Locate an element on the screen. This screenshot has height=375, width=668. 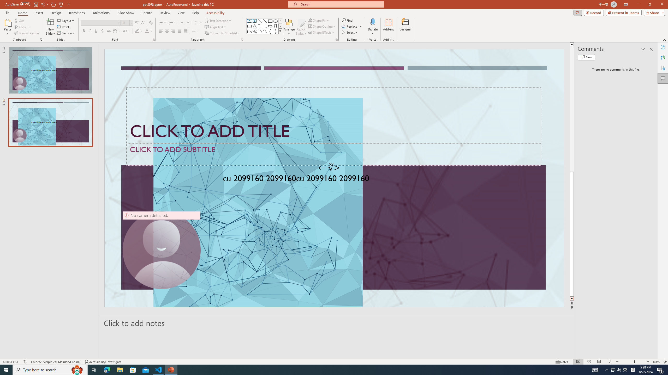
'Shape Outline Green, Accent 1' is located at coordinates (310, 26).